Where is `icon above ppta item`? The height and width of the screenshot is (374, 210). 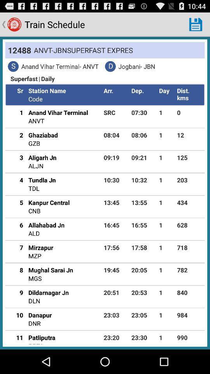 icon above ppta item is located at coordinates (42, 337).